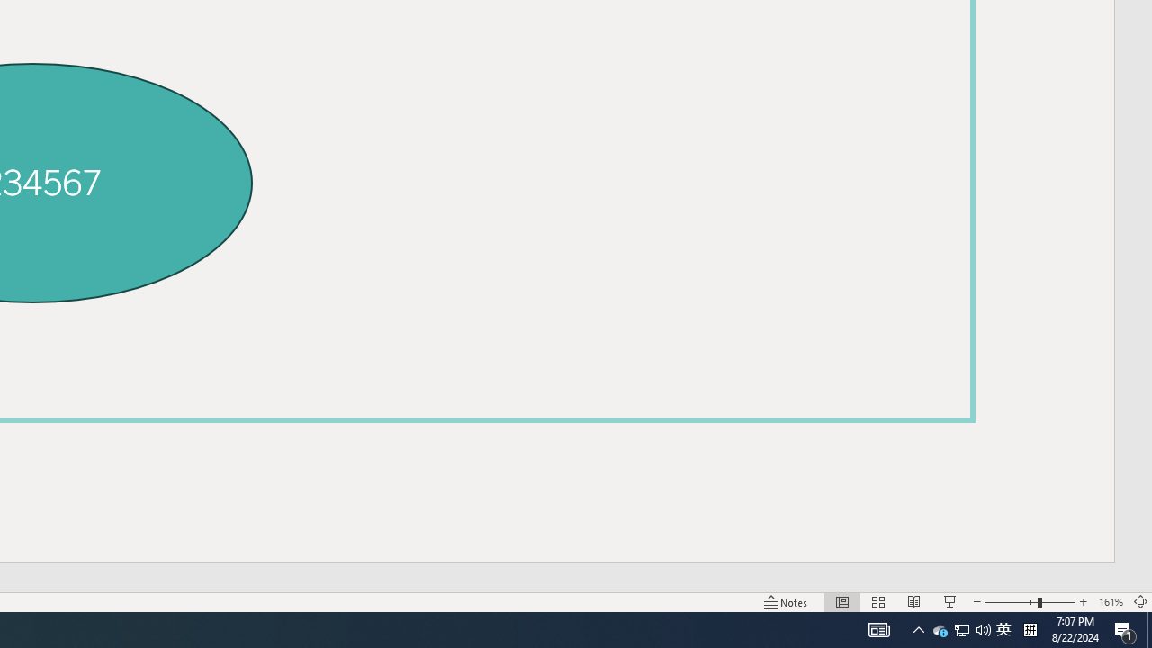 The image size is (1152, 648). I want to click on 'Zoom 161%', so click(1110, 602).